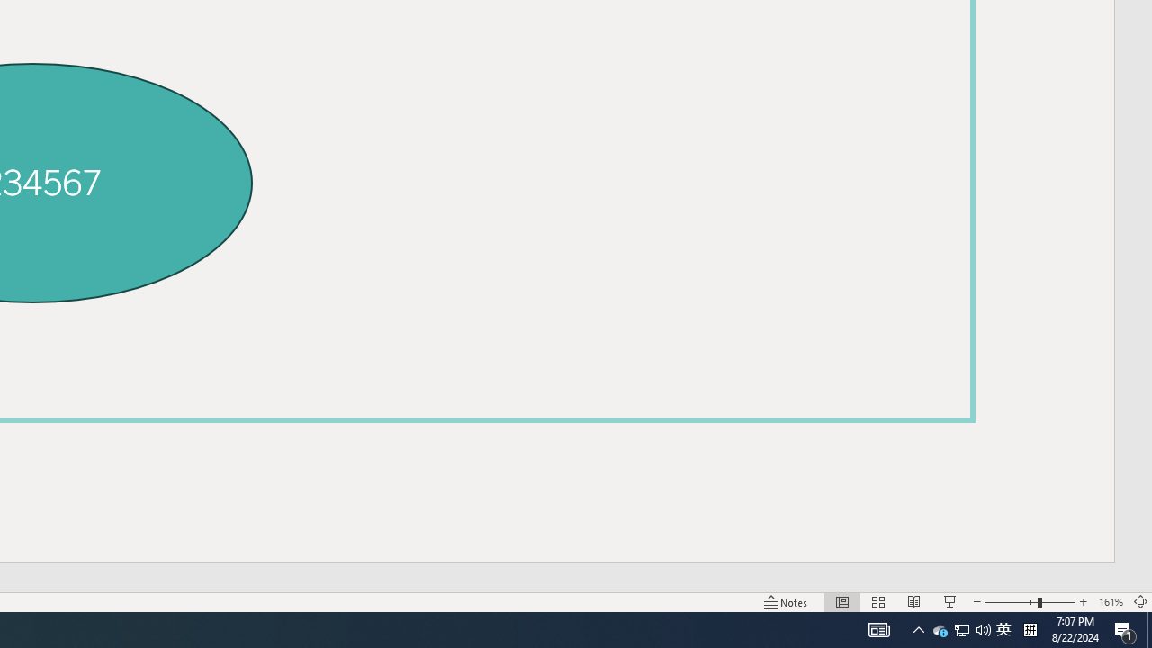 The image size is (1152, 648). I want to click on 'Zoom 161%', so click(1110, 602).